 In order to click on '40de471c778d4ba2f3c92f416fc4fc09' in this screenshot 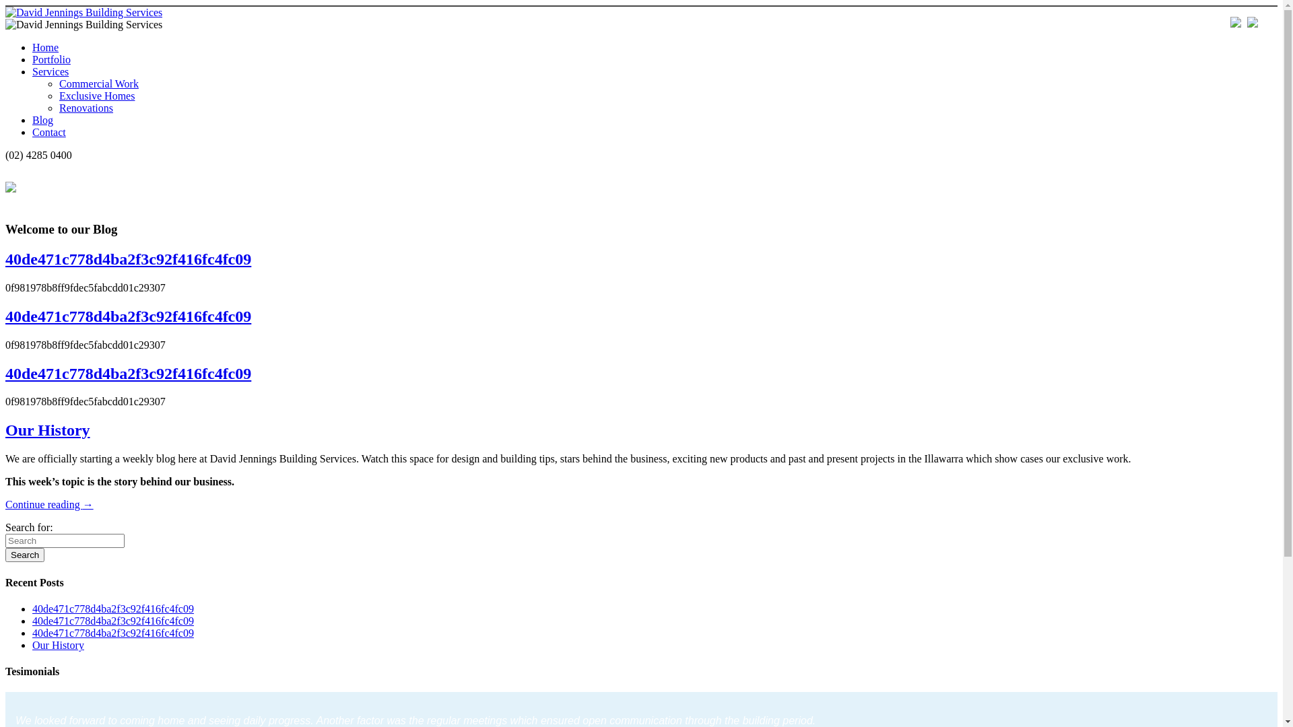, I will do `click(128, 259)`.